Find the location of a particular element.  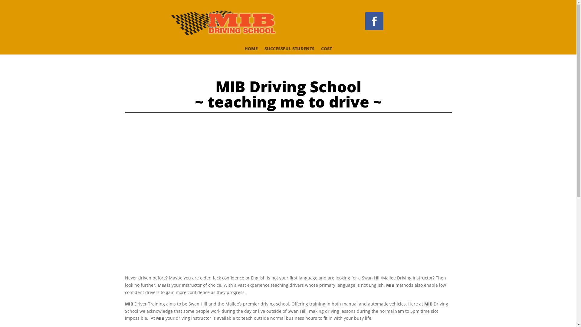

'SUCCESSFUL STUDENTS' is located at coordinates (264, 50).